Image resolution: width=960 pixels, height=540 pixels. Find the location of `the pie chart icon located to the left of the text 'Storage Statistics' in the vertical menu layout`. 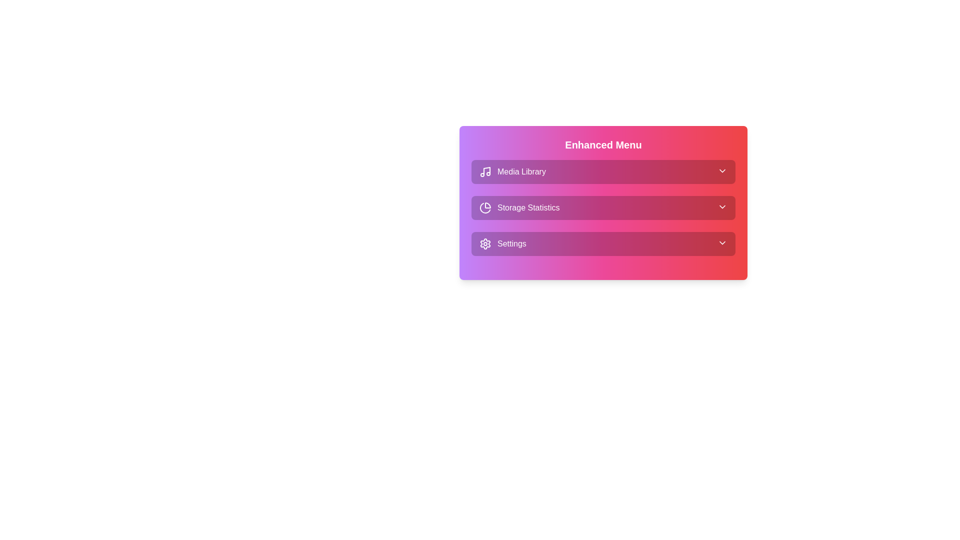

the pie chart icon located to the left of the text 'Storage Statistics' in the vertical menu layout is located at coordinates (485, 207).